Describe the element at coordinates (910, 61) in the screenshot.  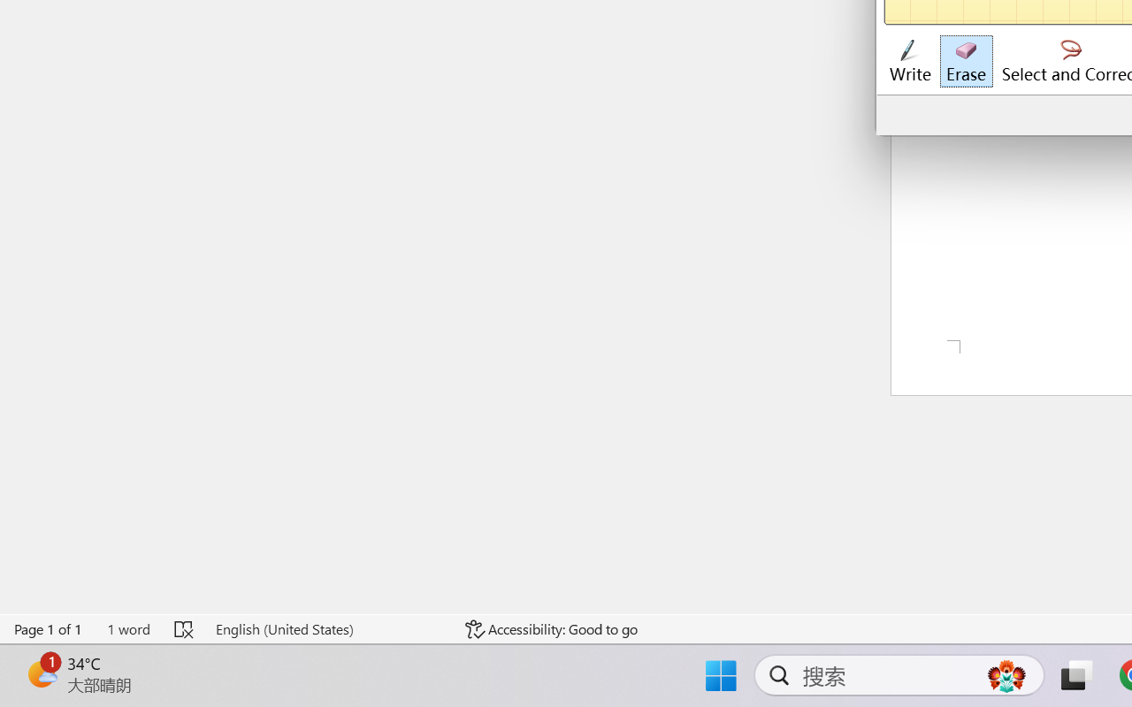
I see `'Write'` at that location.